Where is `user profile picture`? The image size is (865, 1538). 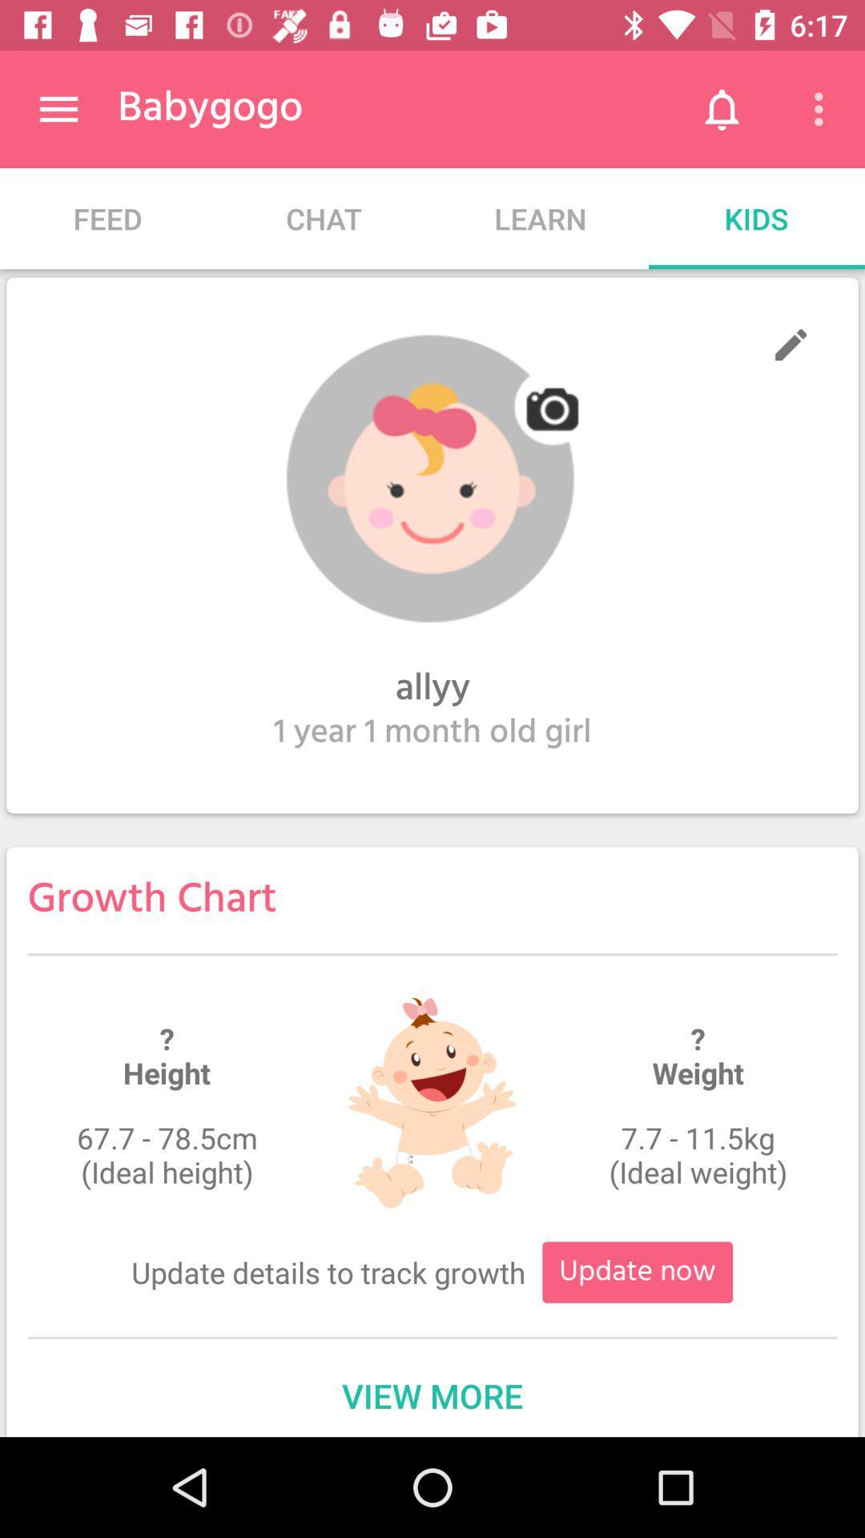
user profile picture is located at coordinates (432, 478).